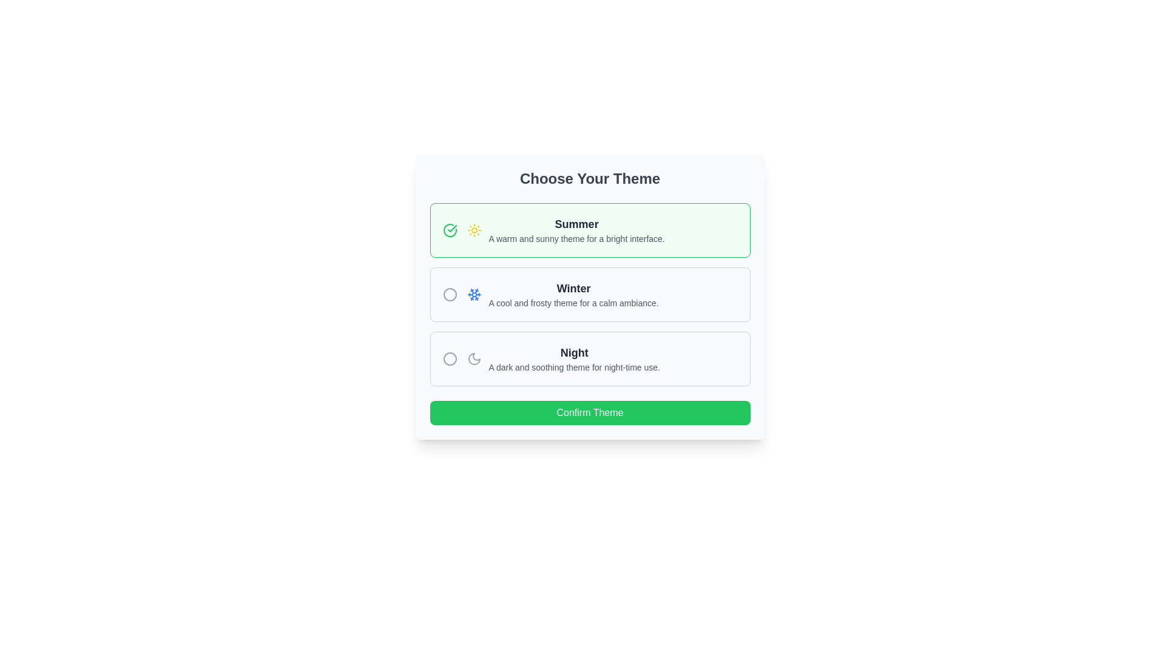  I want to click on the crescent moon icon representing the 'Night' theme located in the third theme option of the 'Choose Your Theme' section, positioned to the left of the text 'Night', so click(473, 358).